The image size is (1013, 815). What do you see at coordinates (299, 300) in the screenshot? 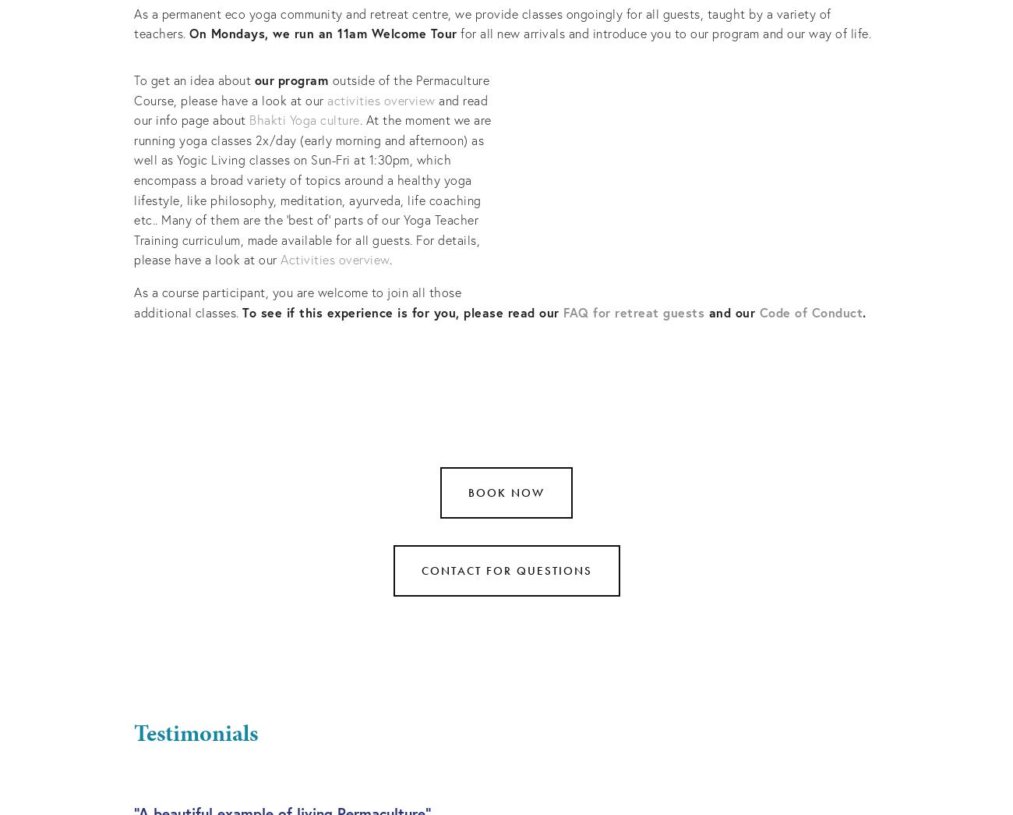
I see `'As a course participant, you are welcome to join all those additional classes.'` at bounding box center [299, 300].